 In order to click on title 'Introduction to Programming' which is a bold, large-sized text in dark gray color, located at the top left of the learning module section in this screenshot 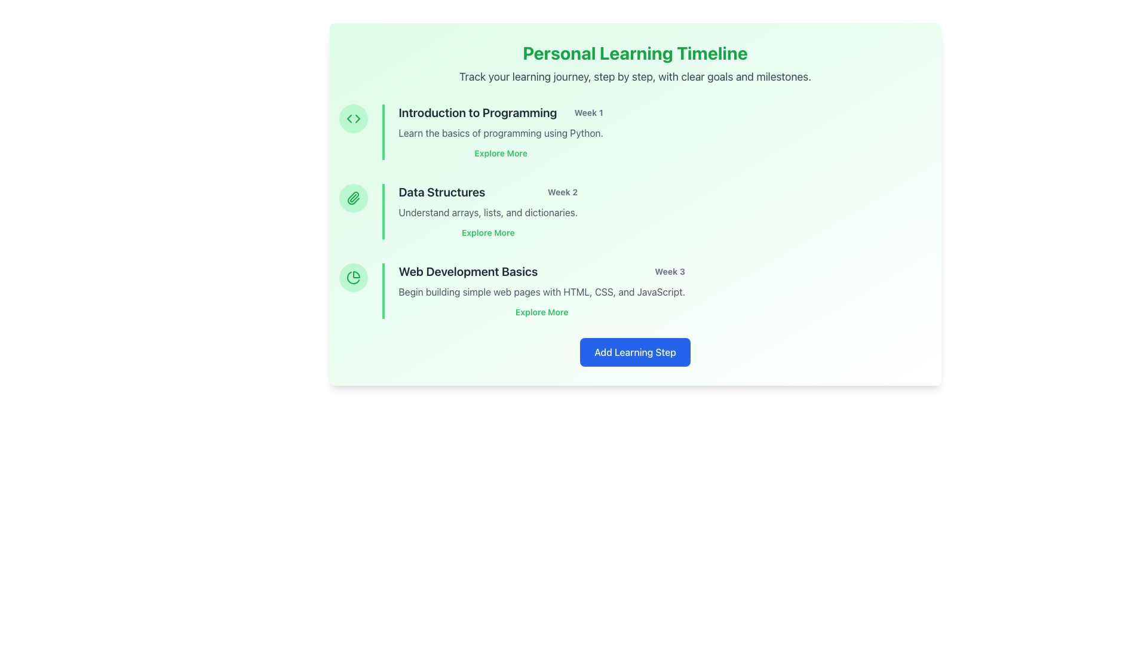, I will do `click(478, 113)`.